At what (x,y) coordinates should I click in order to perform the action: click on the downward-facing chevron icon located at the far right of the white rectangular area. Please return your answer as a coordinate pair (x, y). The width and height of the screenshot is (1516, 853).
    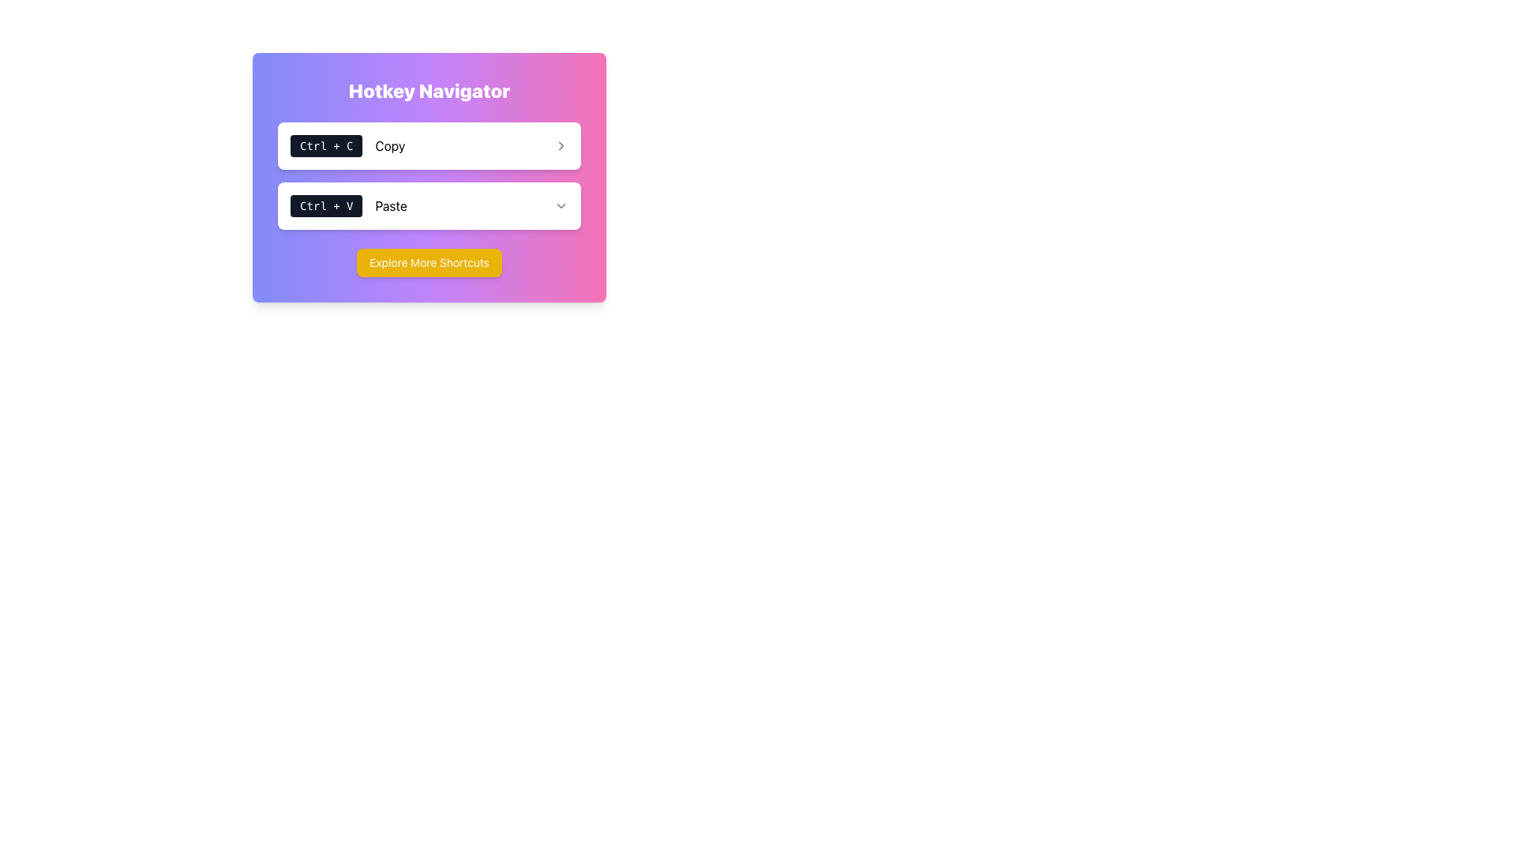
    Looking at the image, I should click on (561, 205).